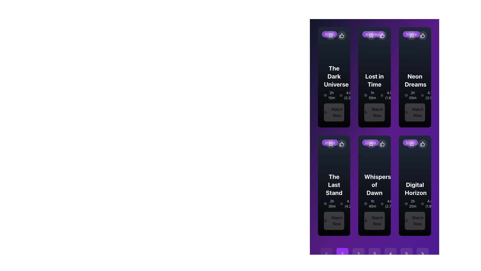 This screenshot has width=481, height=271. What do you see at coordinates (330, 143) in the screenshot?
I see `the badge located in the top-left corner of the card titled 'The Last Stand', which is in the second row and first column of a grid layout` at bounding box center [330, 143].